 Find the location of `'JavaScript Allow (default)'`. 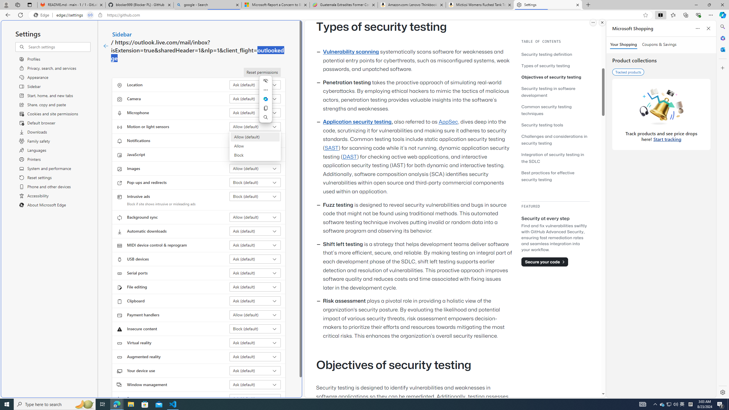

'JavaScript Allow (default)' is located at coordinates (255, 154).